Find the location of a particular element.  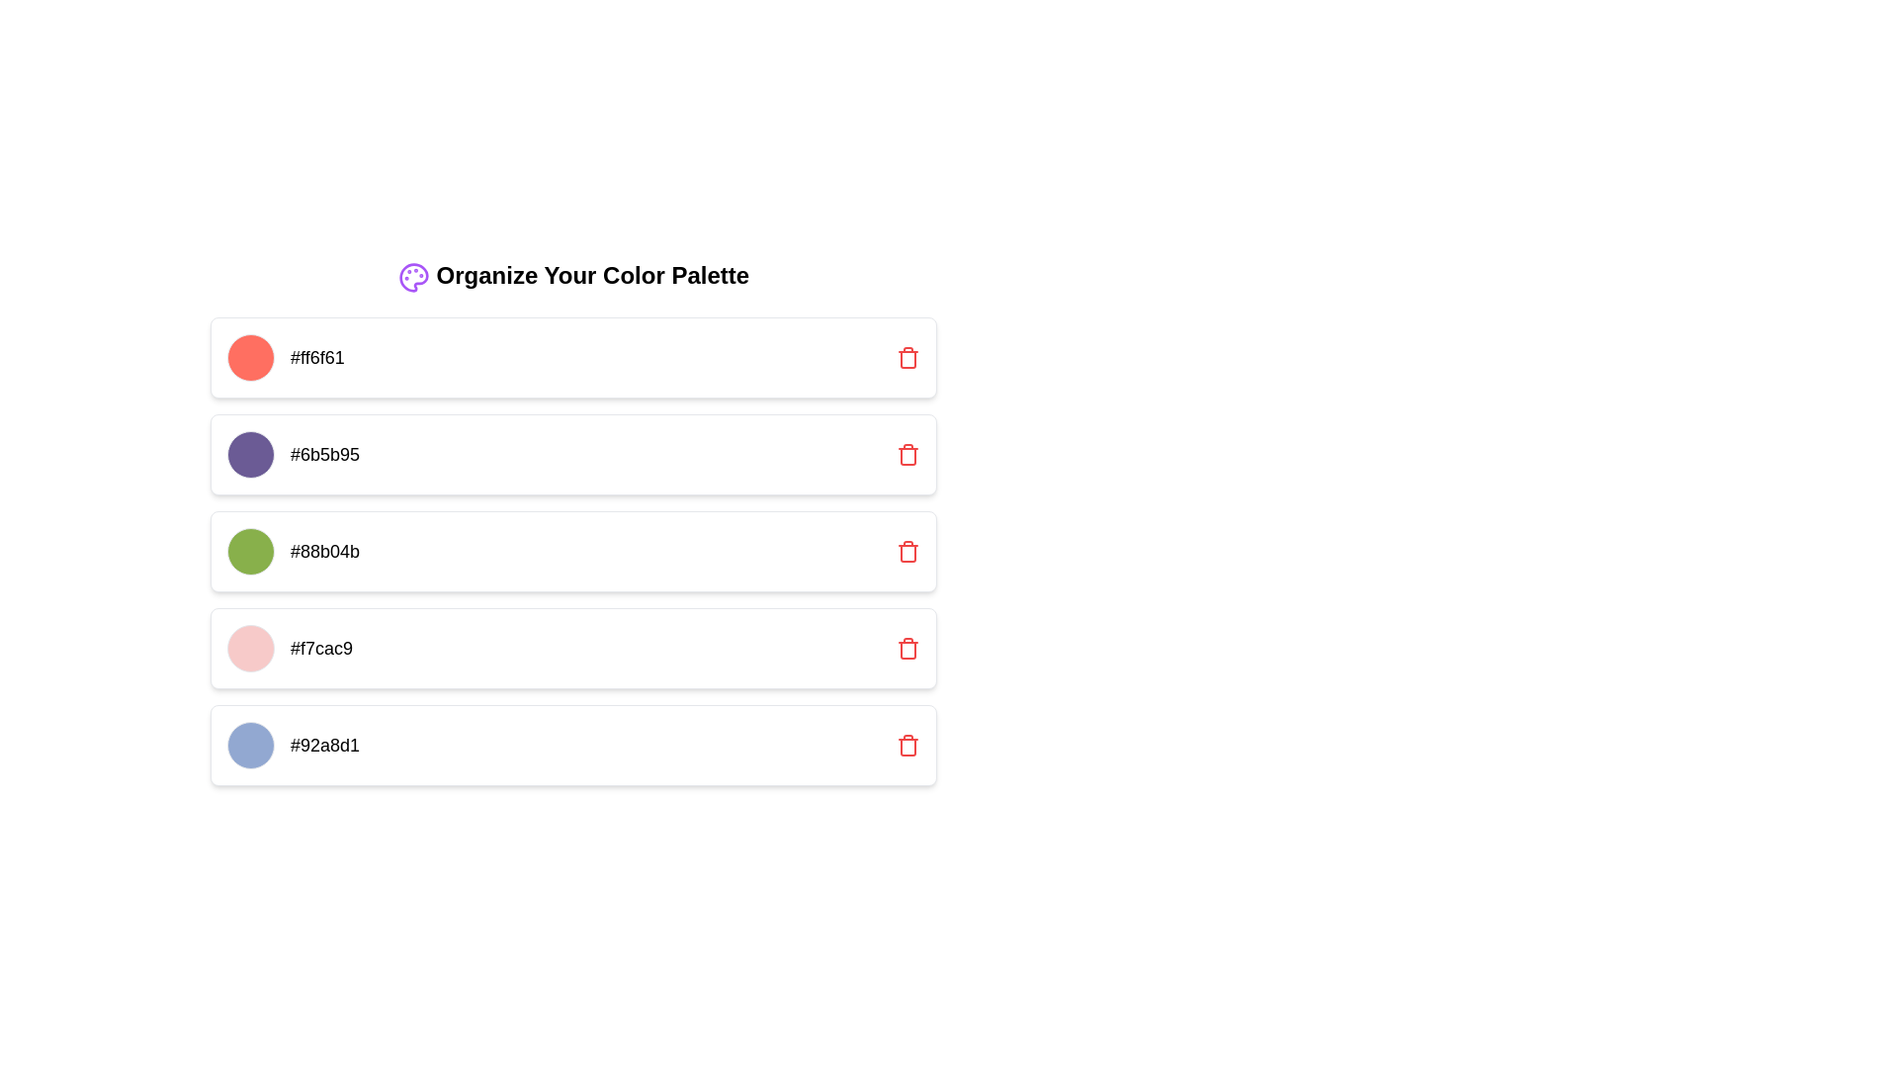

the text label displaying '#88b04b', which is styled in black font on a white background and is part of a color palette arrangement, located next to a green circular icon is located at coordinates (325, 551).